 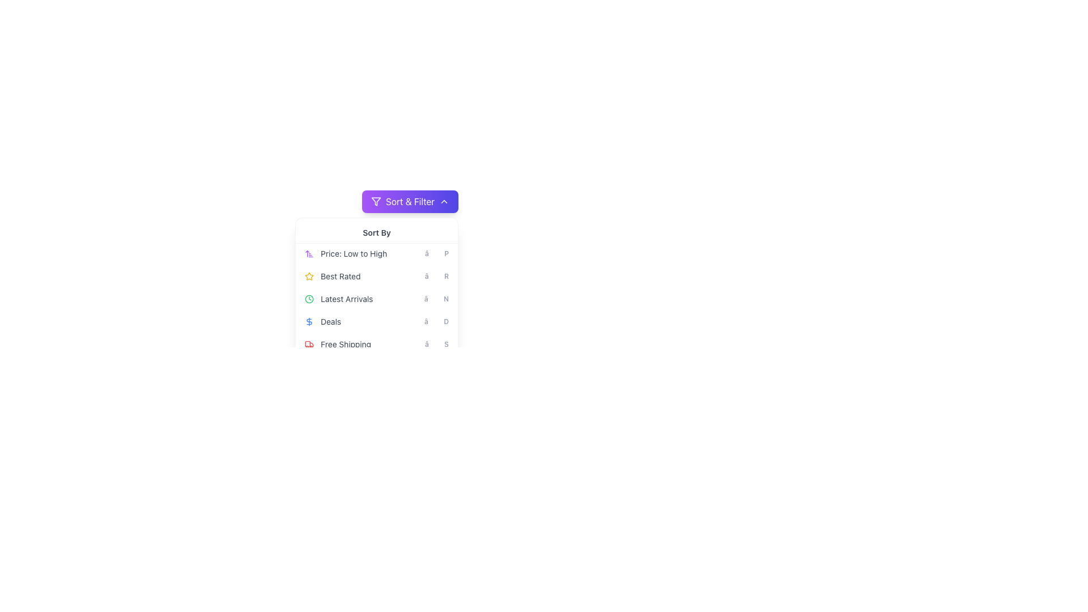 I want to click on descriptive text label located in the vertical menu, positioned fourth from the top, indicating a specific category or feature related to deals, so click(x=330, y=321).